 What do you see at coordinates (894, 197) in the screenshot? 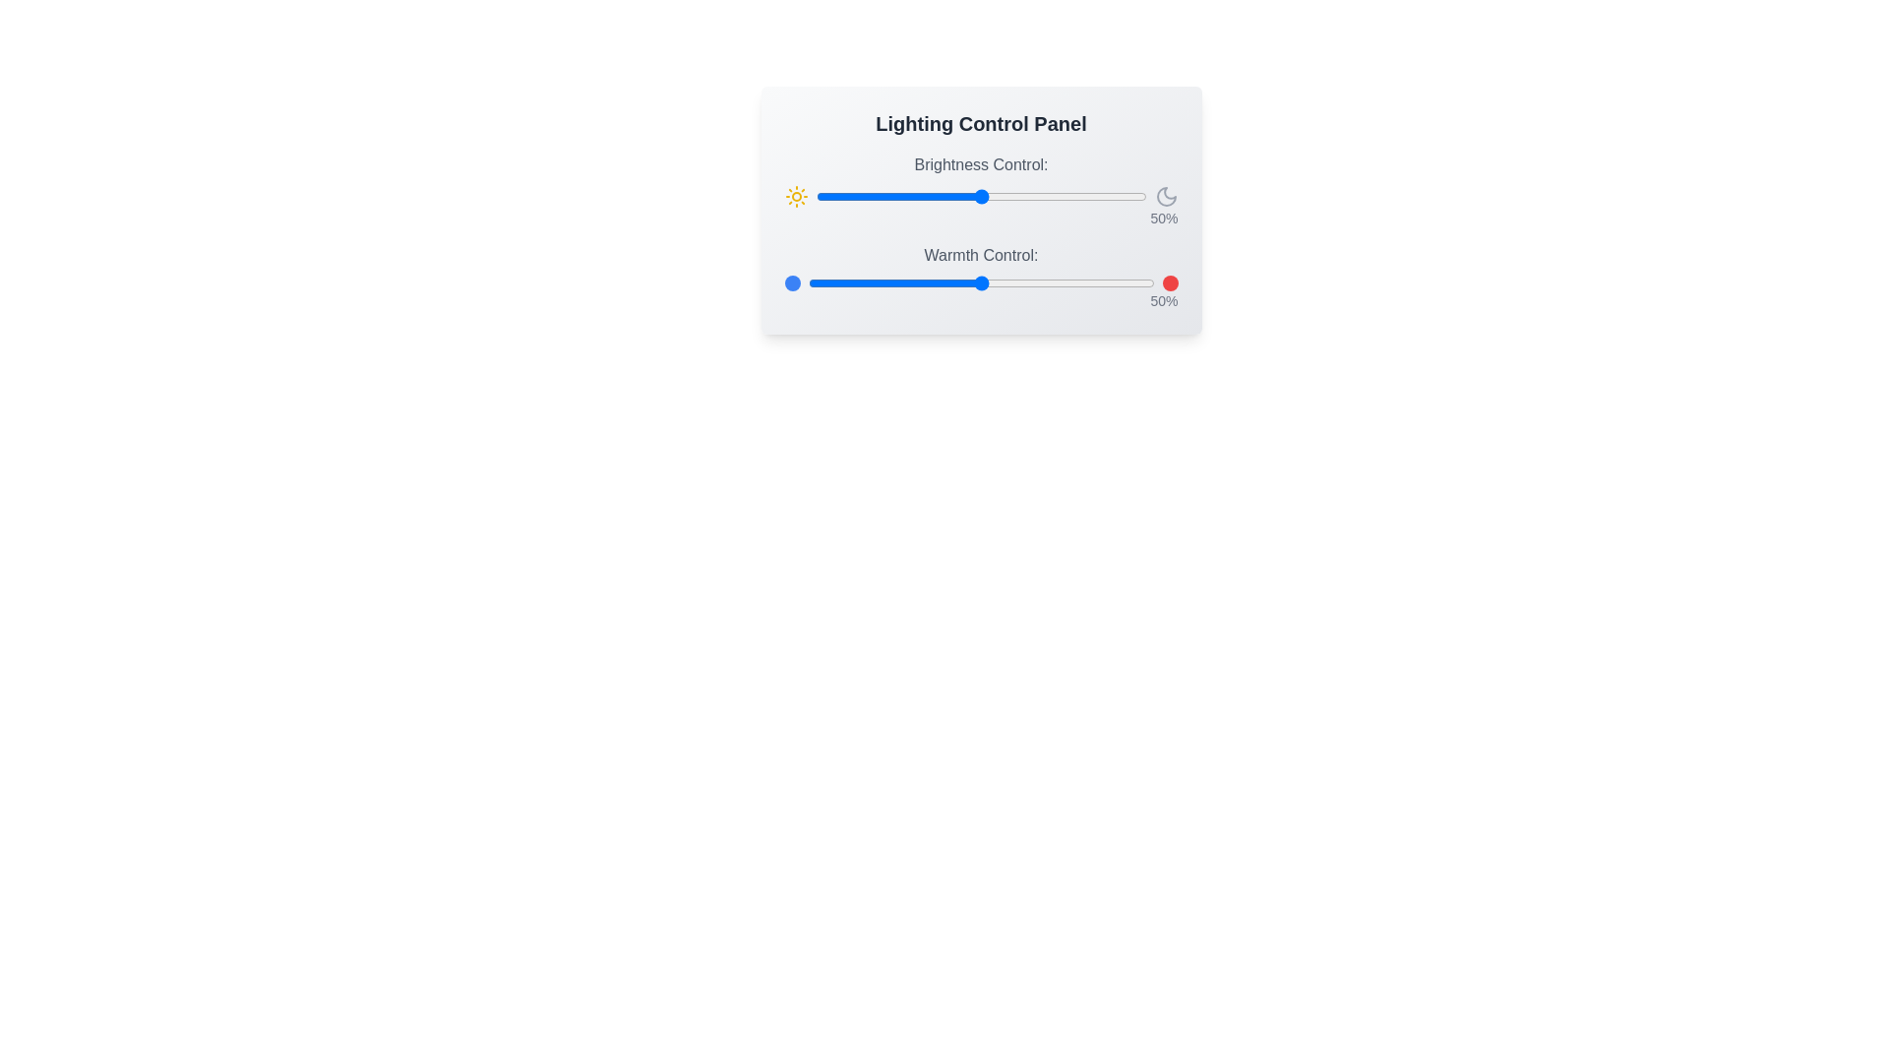
I see `brightness` at bounding box center [894, 197].